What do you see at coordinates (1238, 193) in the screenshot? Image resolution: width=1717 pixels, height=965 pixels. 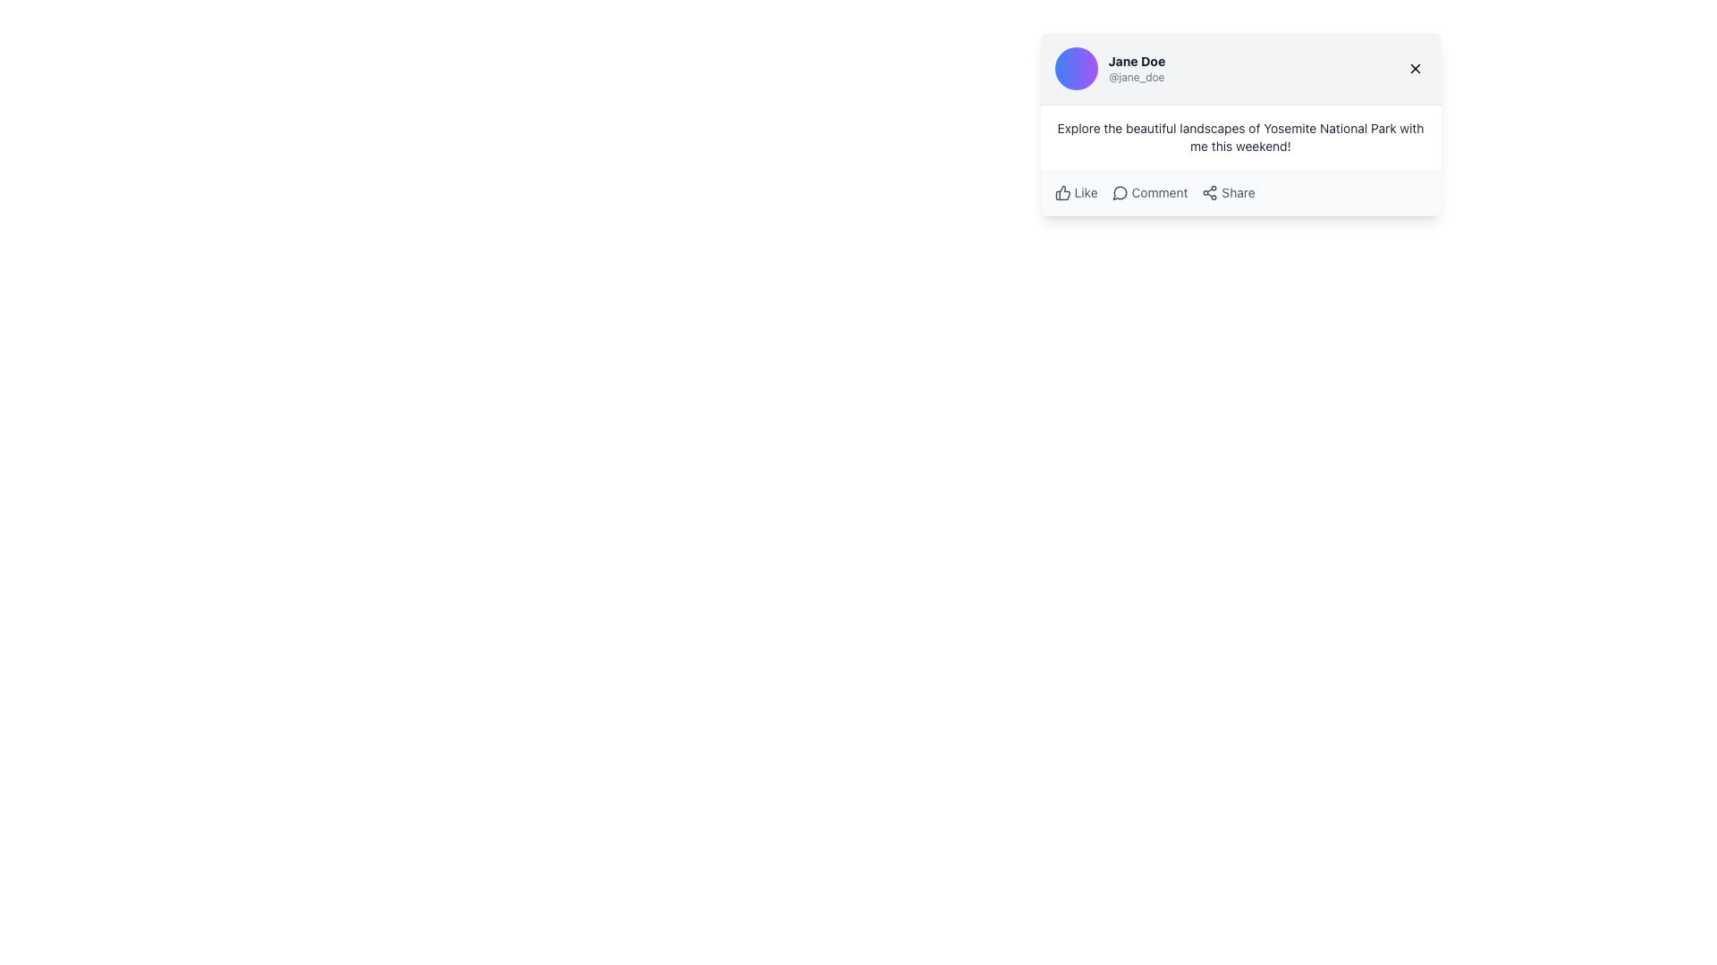 I see `text label 'Share' which is styled with a smaller font size and subdued gray color, located to the right of the share icon` at bounding box center [1238, 193].